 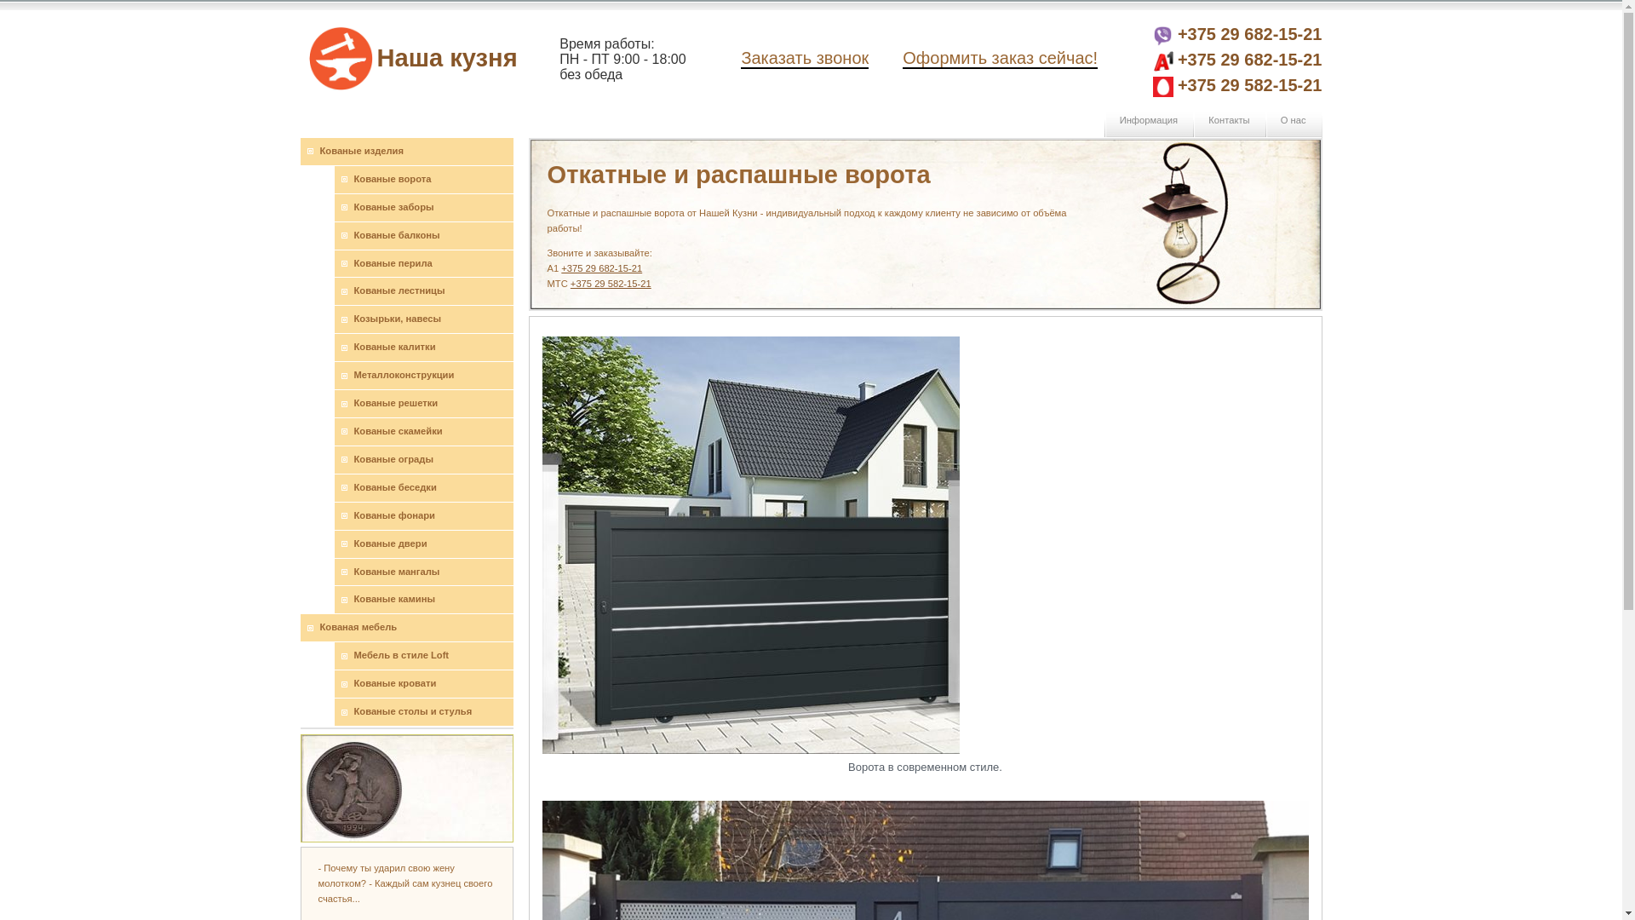 I want to click on '+375 29 582-15-21', so click(x=571, y=282).